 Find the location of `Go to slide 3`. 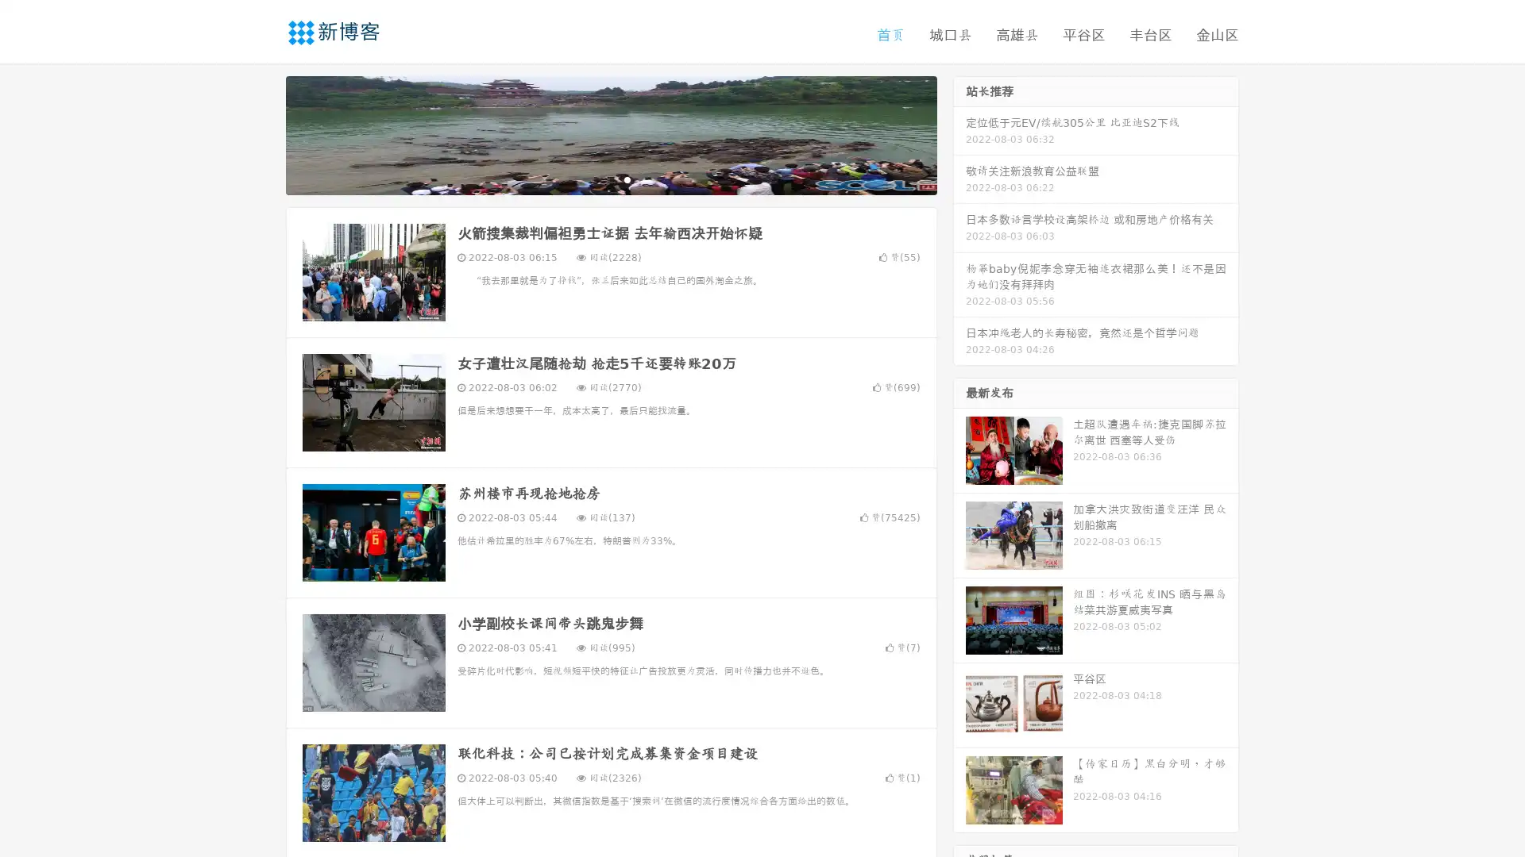

Go to slide 3 is located at coordinates (627, 179).